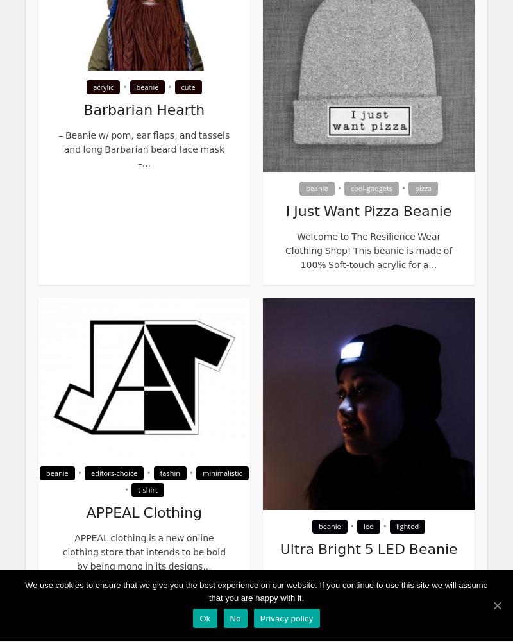  I want to click on 'We use cookies to ensure that we give you the best experience on our website. If you continue to use this site we will assume that you are happy with it.', so click(255, 591).